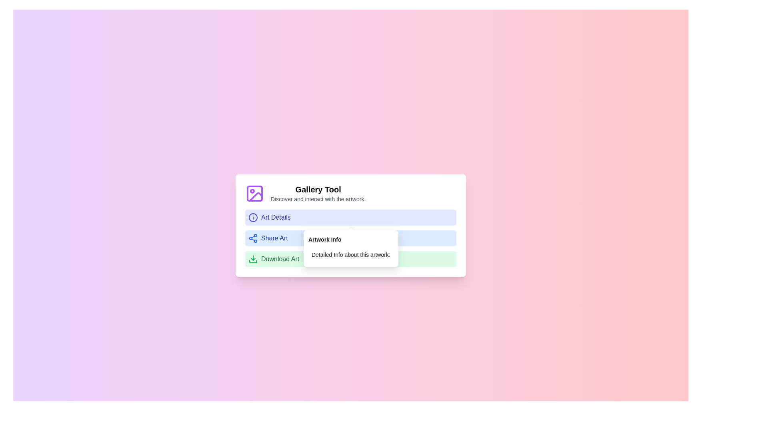 The height and width of the screenshot is (432, 768). What do you see at coordinates (253, 259) in the screenshot?
I see `the green button labeled 'Download Art' which contains a green downward arrow download icon located at the bottom of the vertical menu` at bounding box center [253, 259].